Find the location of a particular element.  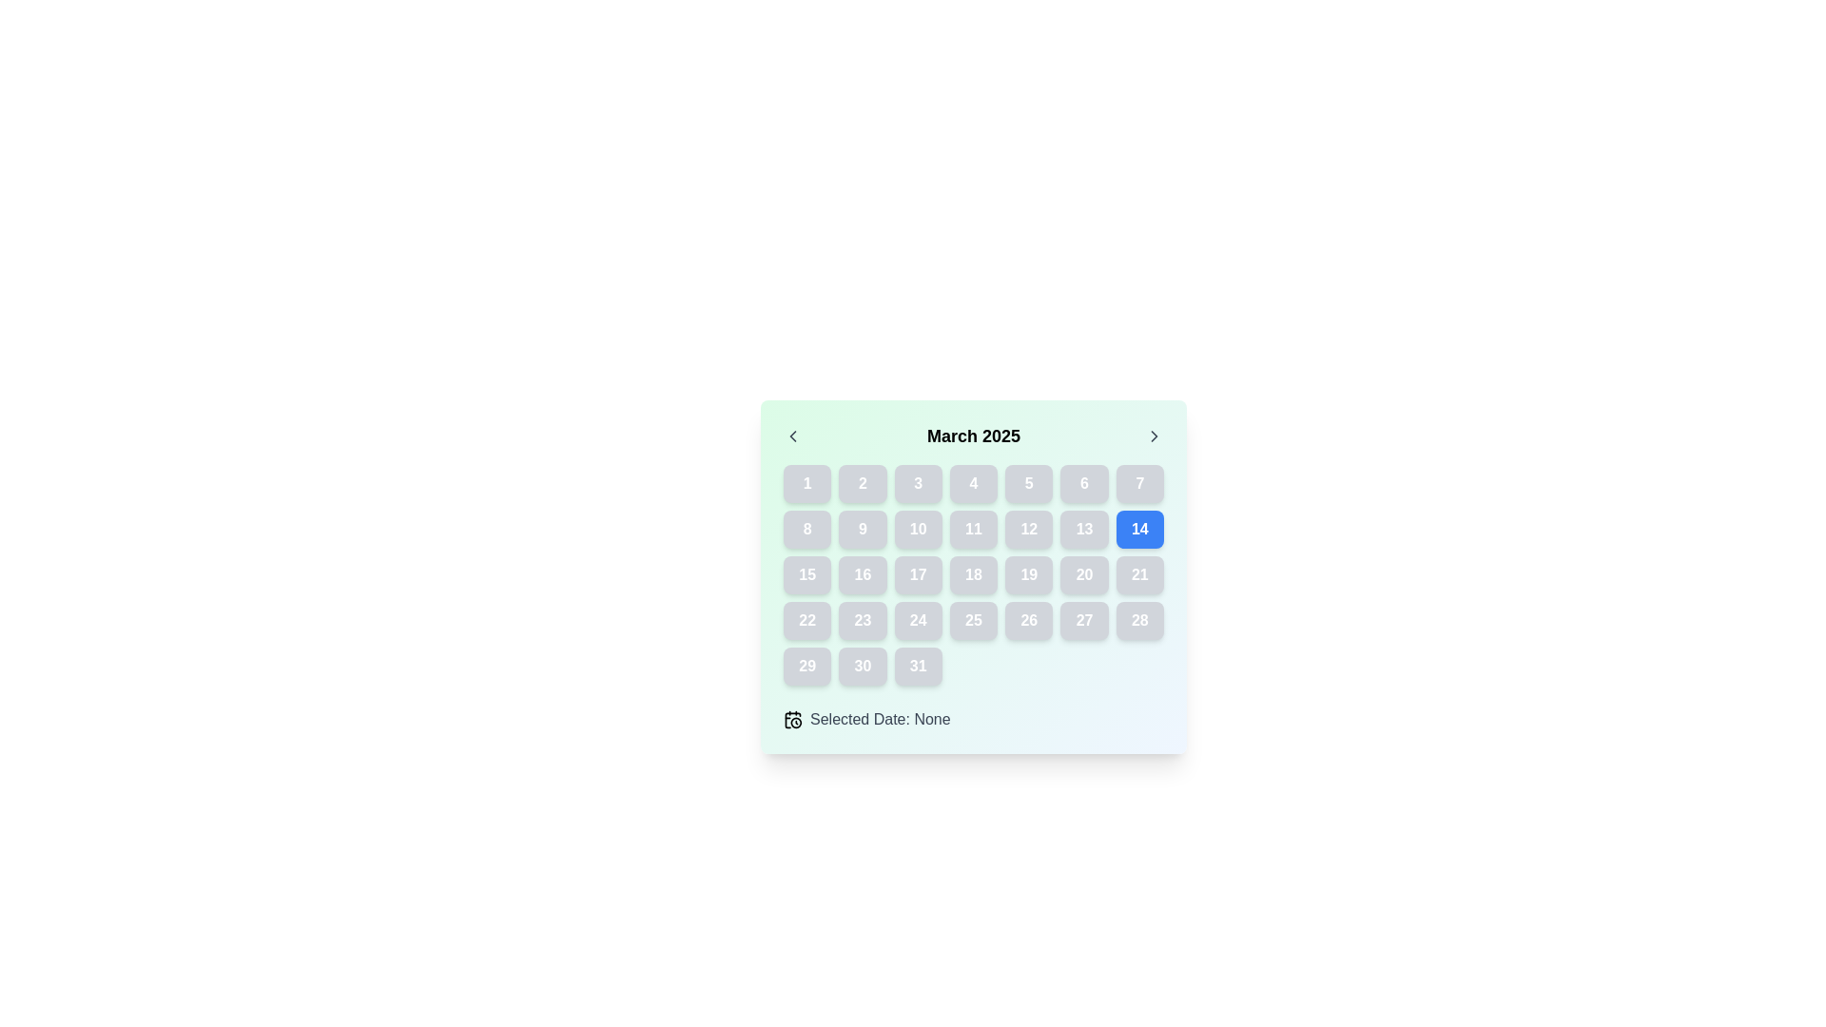

the right-facing arrow button with a dark gray color that changes shade upon hovering, located on the rightmost side of the bar containing the text 'March 2025' is located at coordinates (1154, 436).